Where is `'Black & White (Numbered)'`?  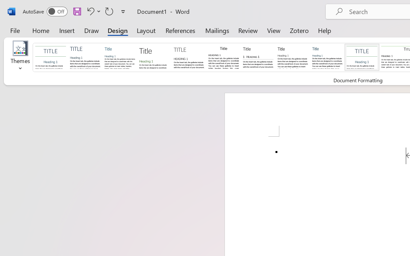
'Black & White (Numbered)' is located at coordinates (258, 57).